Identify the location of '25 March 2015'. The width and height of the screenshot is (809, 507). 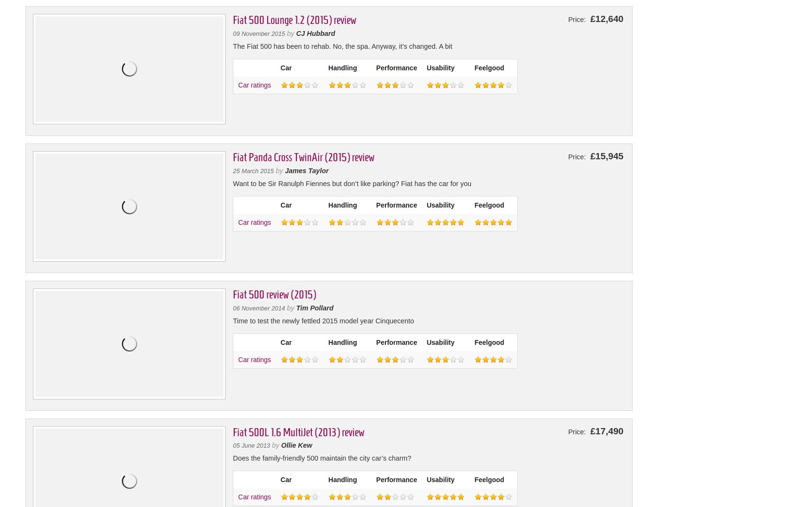
(232, 170).